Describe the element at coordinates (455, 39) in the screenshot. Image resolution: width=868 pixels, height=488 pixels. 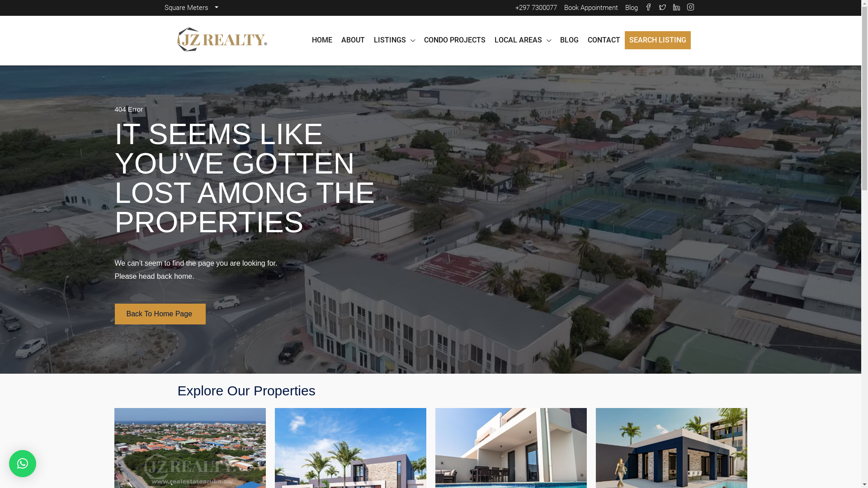
I see `'CONDO PROJECTS'` at that location.